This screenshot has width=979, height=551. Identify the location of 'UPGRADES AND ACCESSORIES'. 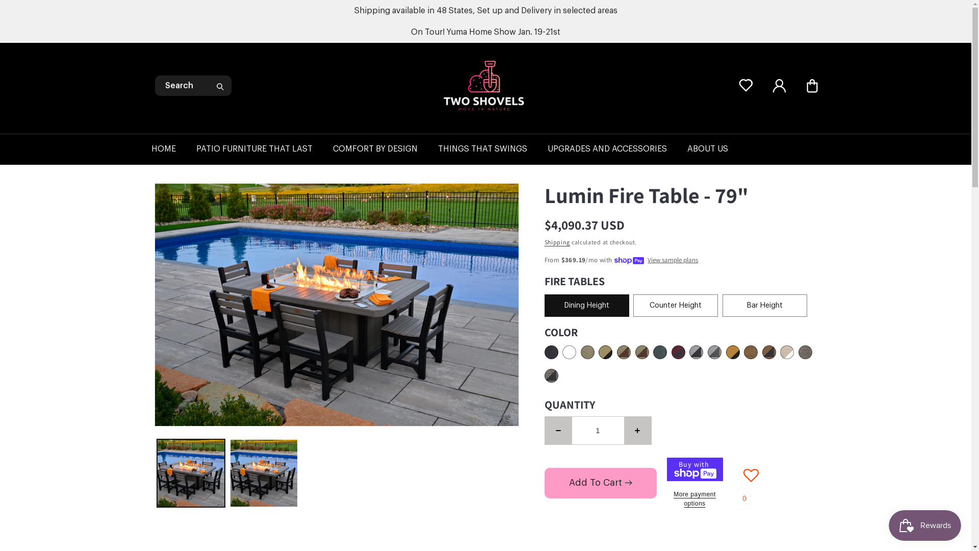
(616, 149).